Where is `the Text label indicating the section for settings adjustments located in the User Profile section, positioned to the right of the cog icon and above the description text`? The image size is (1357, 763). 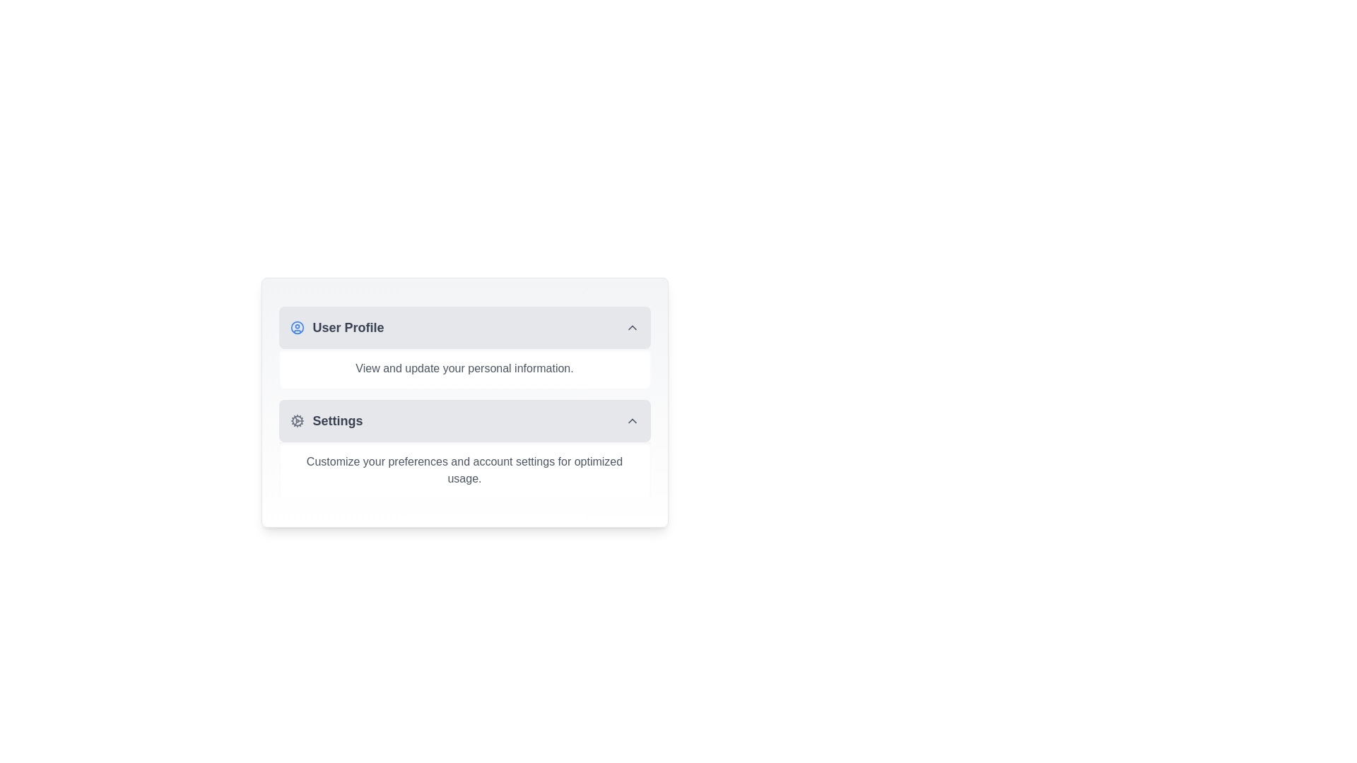 the Text label indicating the section for settings adjustments located in the User Profile section, positioned to the right of the cog icon and above the description text is located at coordinates (337, 420).